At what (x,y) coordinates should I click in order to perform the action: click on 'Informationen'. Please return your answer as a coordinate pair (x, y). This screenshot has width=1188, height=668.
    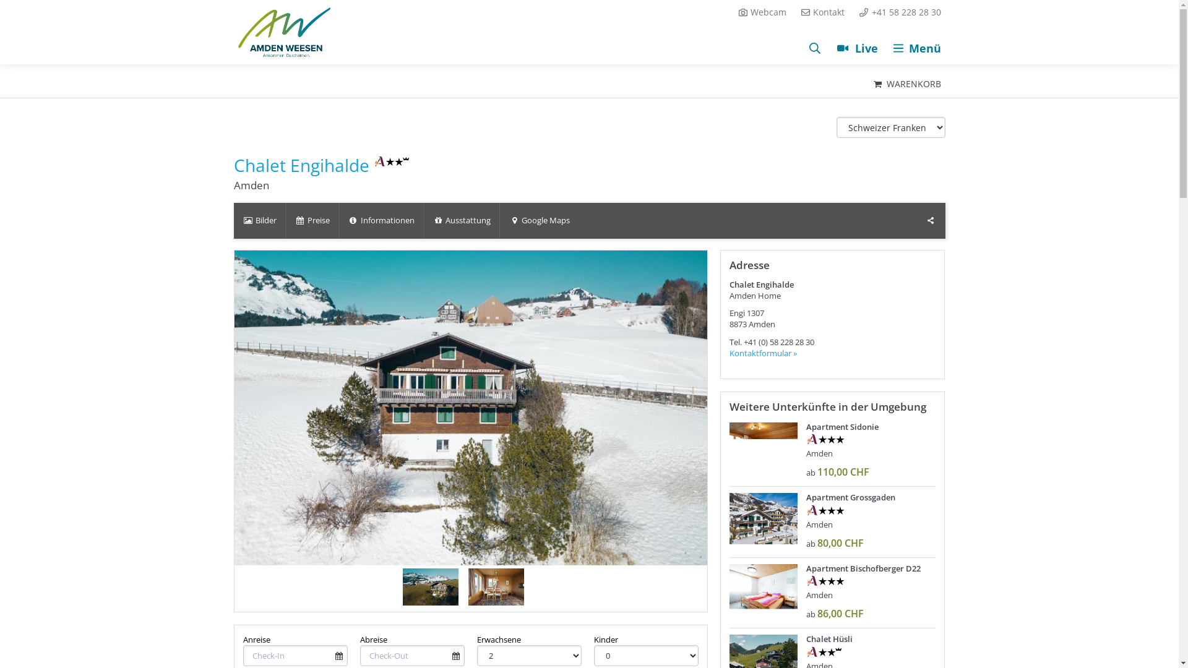
    Looking at the image, I should click on (380, 220).